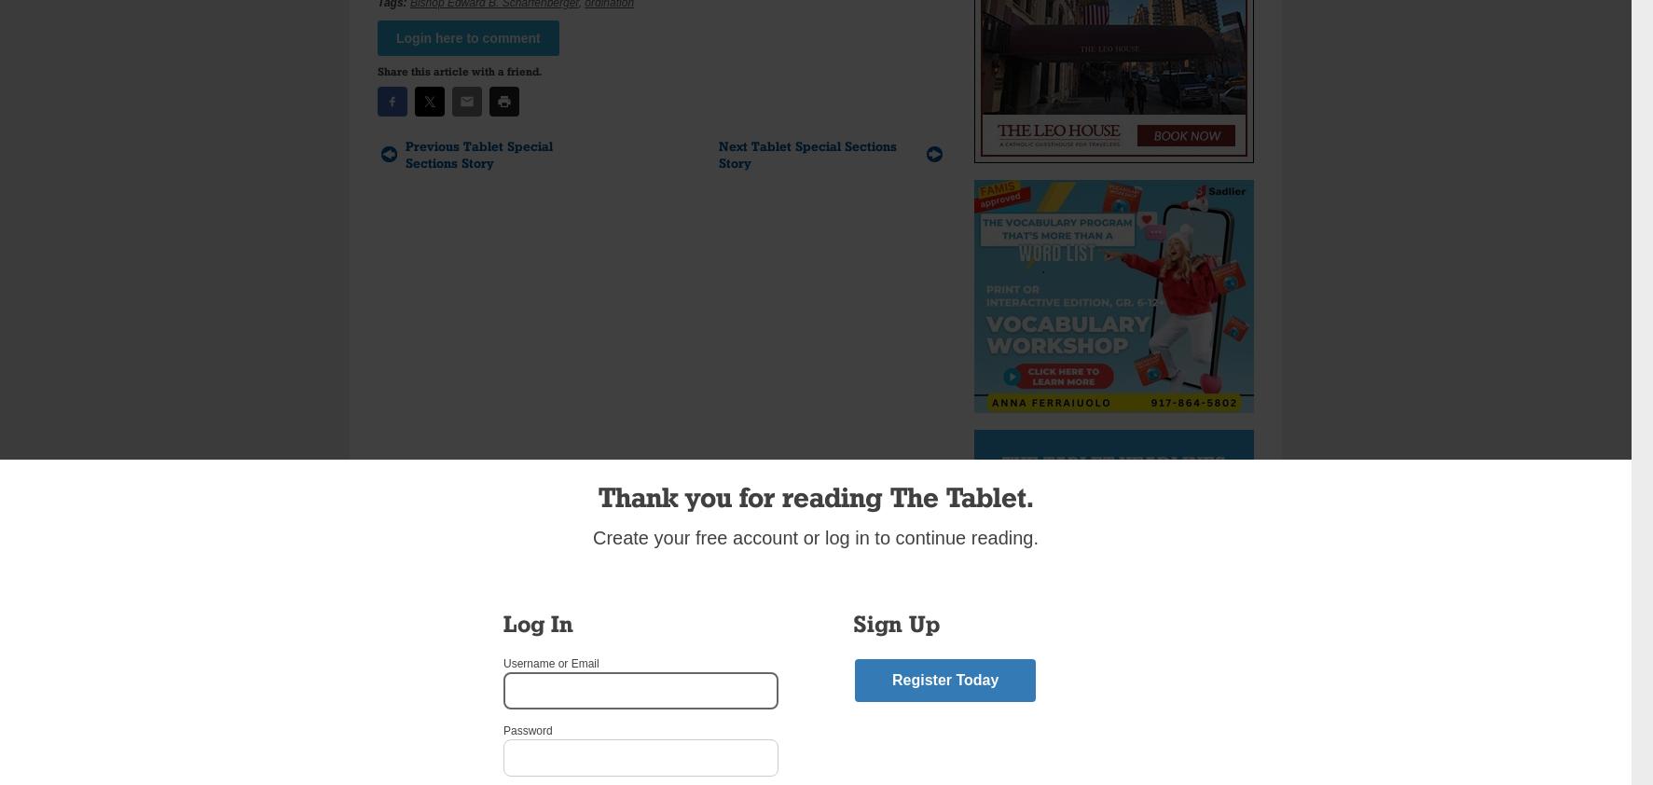  Describe the element at coordinates (806, 153) in the screenshot. I see `'Next Tablet Special Sections Story'` at that location.